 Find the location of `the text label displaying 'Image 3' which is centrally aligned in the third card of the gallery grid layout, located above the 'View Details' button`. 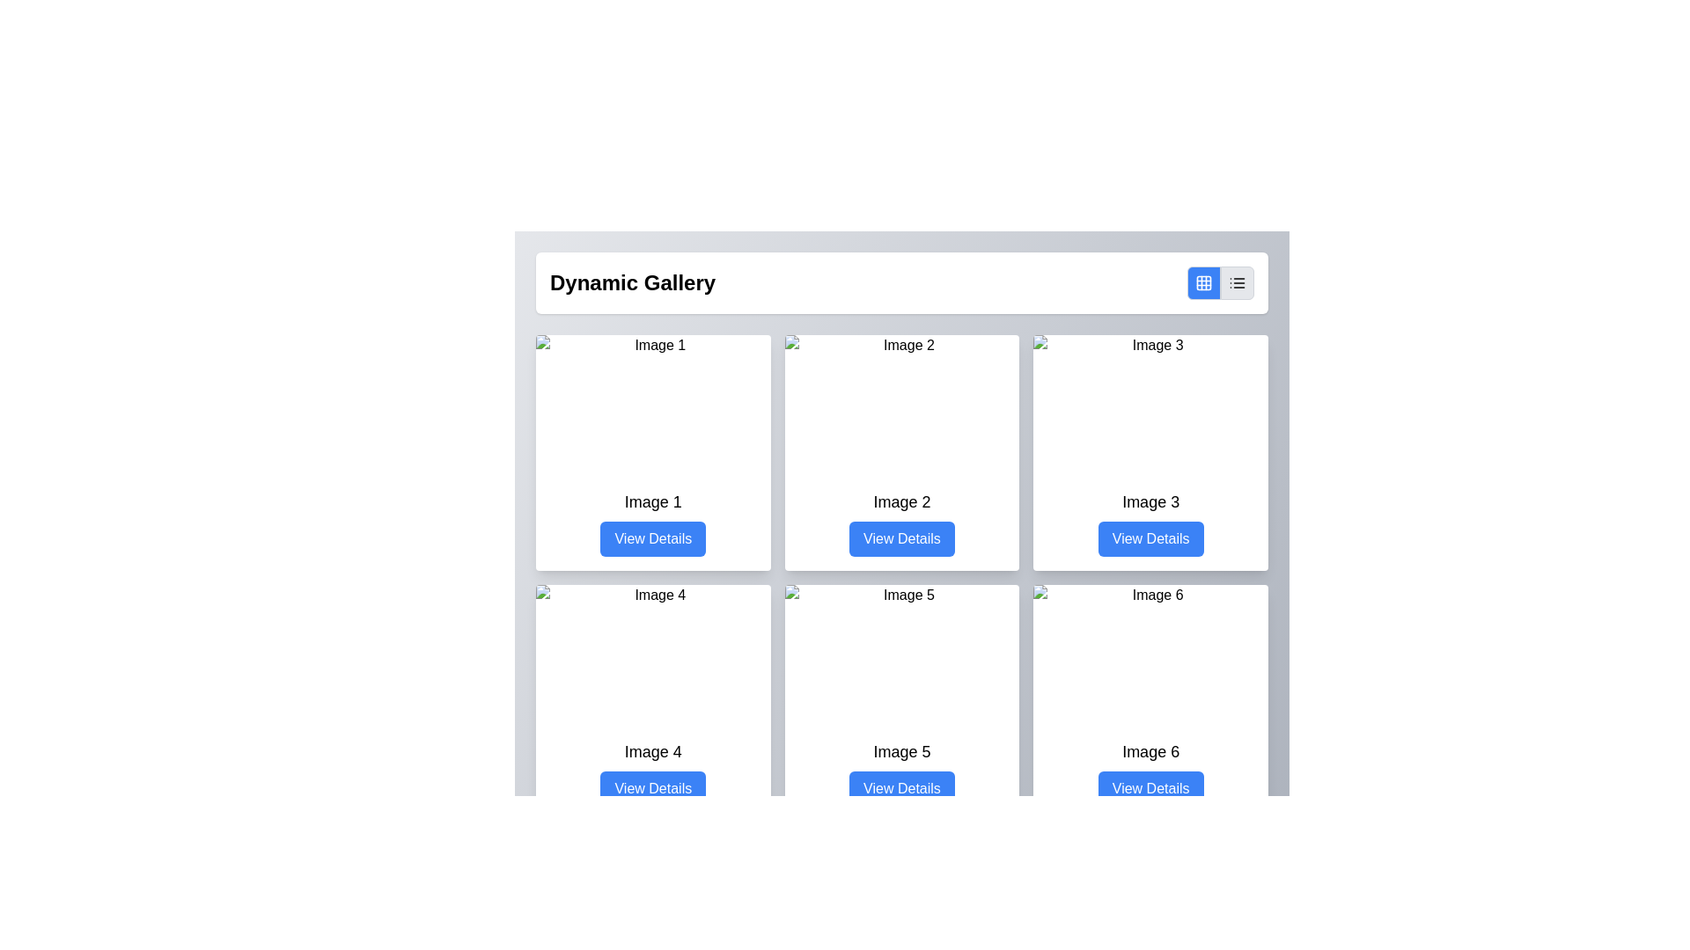

the text label displaying 'Image 3' which is centrally aligned in the third card of the gallery grid layout, located above the 'View Details' button is located at coordinates (1150, 501).